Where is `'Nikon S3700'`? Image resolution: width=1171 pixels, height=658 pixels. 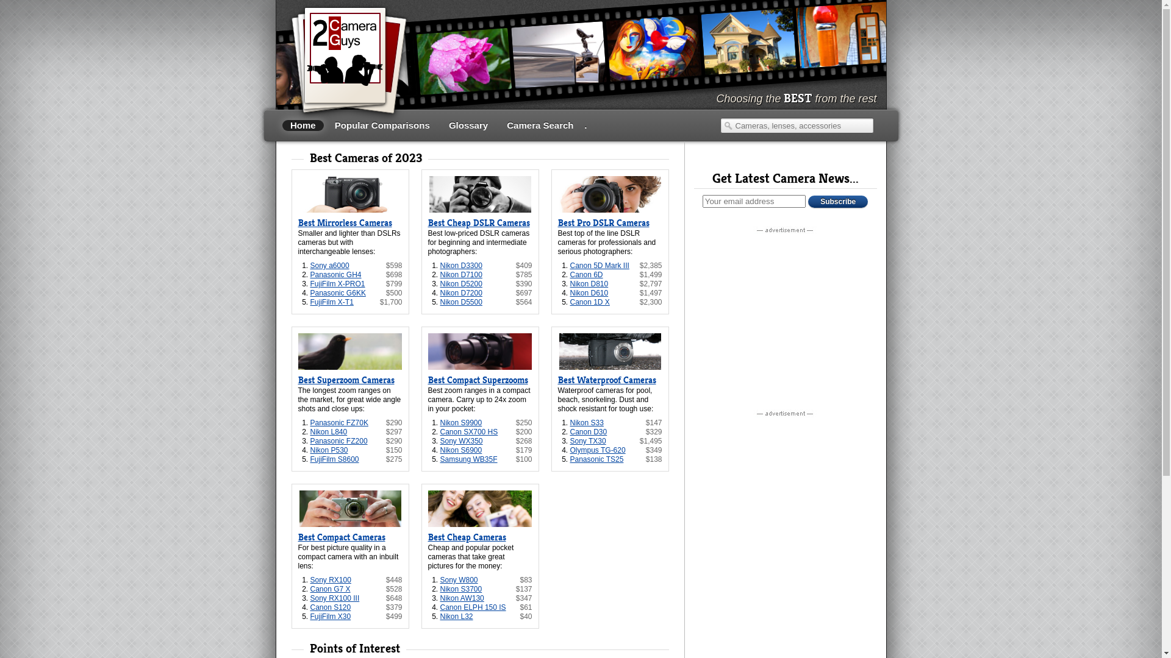
'Nikon S3700' is located at coordinates (460, 589).